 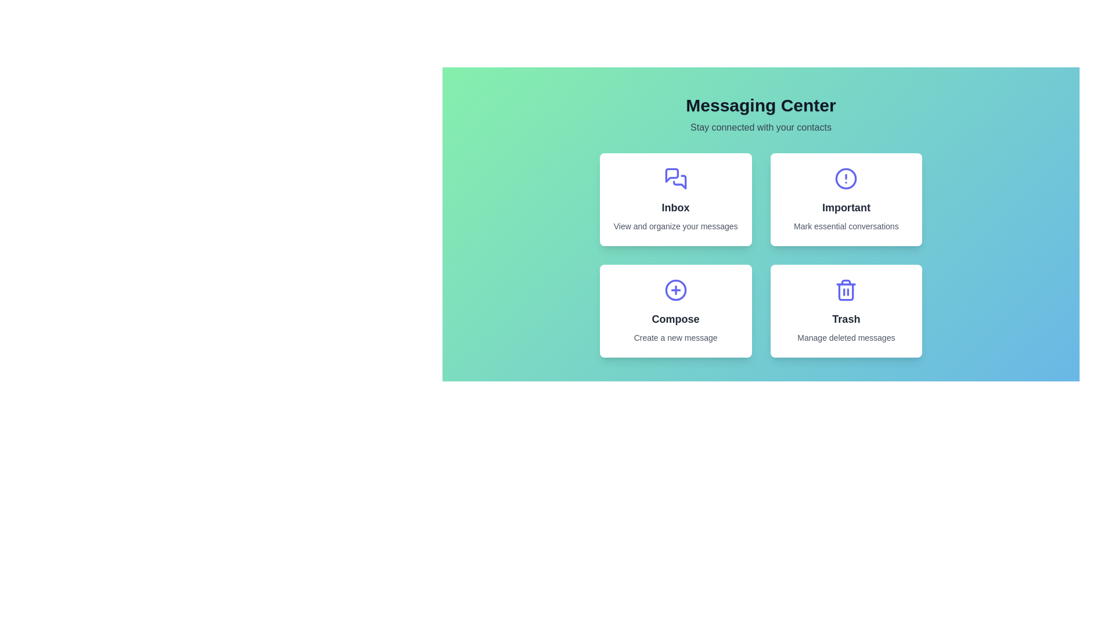 What do you see at coordinates (846, 290) in the screenshot?
I see `the trash can icon, which is styled in blue and located in the bottom-right of the 'Trash' card` at bounding box center [846, 290].